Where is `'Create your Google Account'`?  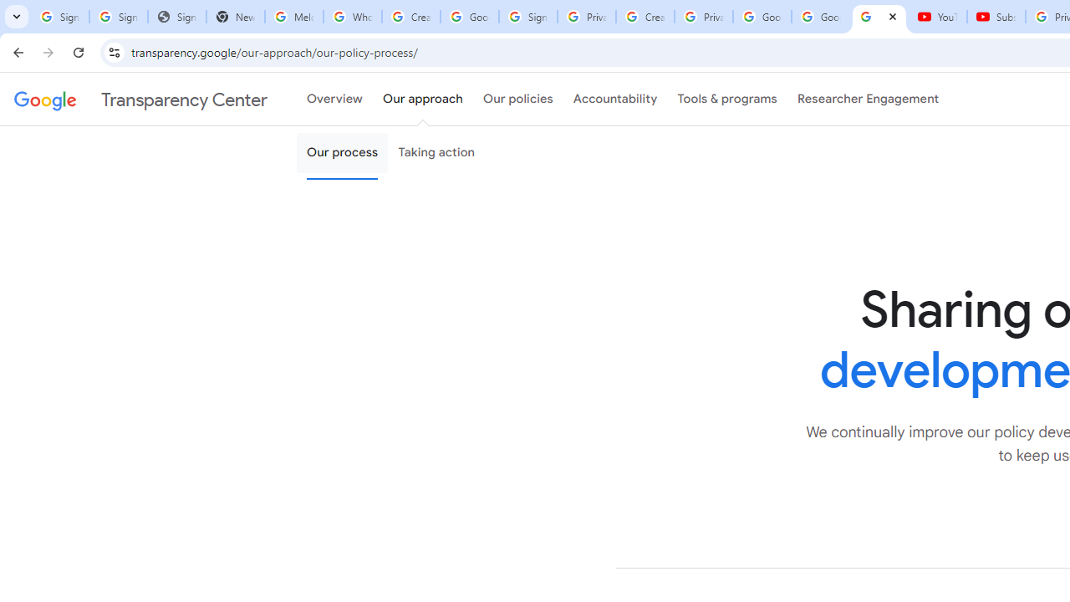
'Create your Google Account' is located at coordinates (411, 17).